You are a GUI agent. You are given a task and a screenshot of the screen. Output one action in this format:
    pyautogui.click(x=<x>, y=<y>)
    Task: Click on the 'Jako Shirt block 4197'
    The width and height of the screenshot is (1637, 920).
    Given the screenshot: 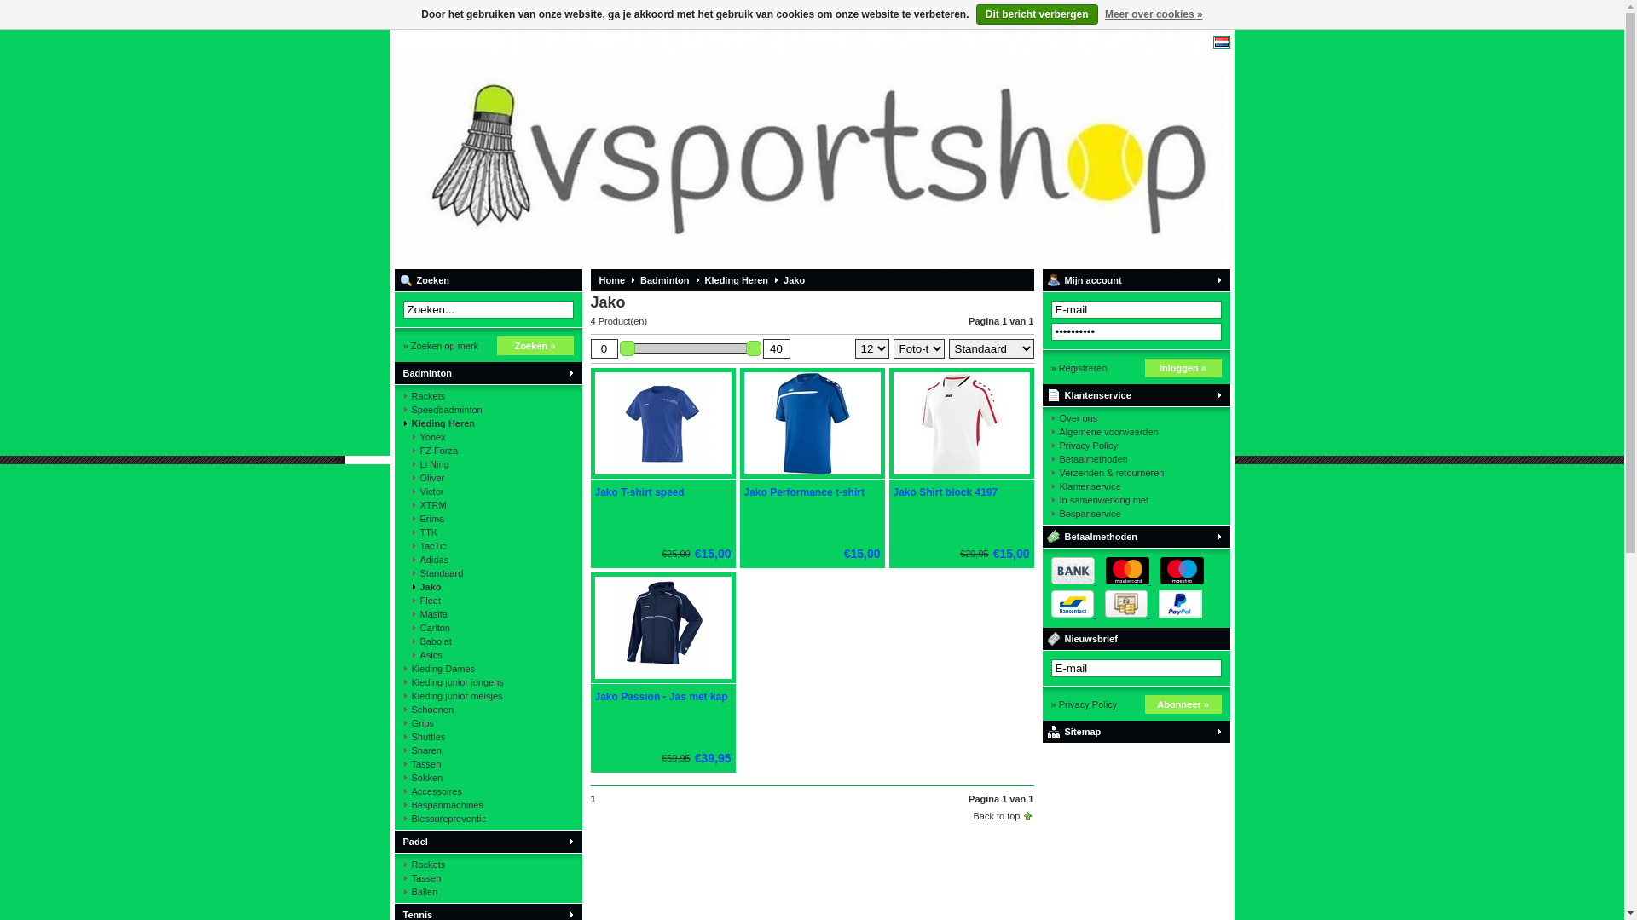 What is the action you would take?
    pyautogui.click(x=961, y=475)
    